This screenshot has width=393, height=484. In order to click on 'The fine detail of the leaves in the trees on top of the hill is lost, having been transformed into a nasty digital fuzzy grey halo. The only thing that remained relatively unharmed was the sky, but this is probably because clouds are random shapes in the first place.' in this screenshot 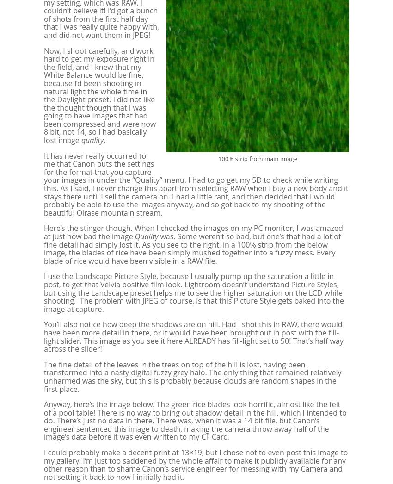, I will do `click(192, 376)`.